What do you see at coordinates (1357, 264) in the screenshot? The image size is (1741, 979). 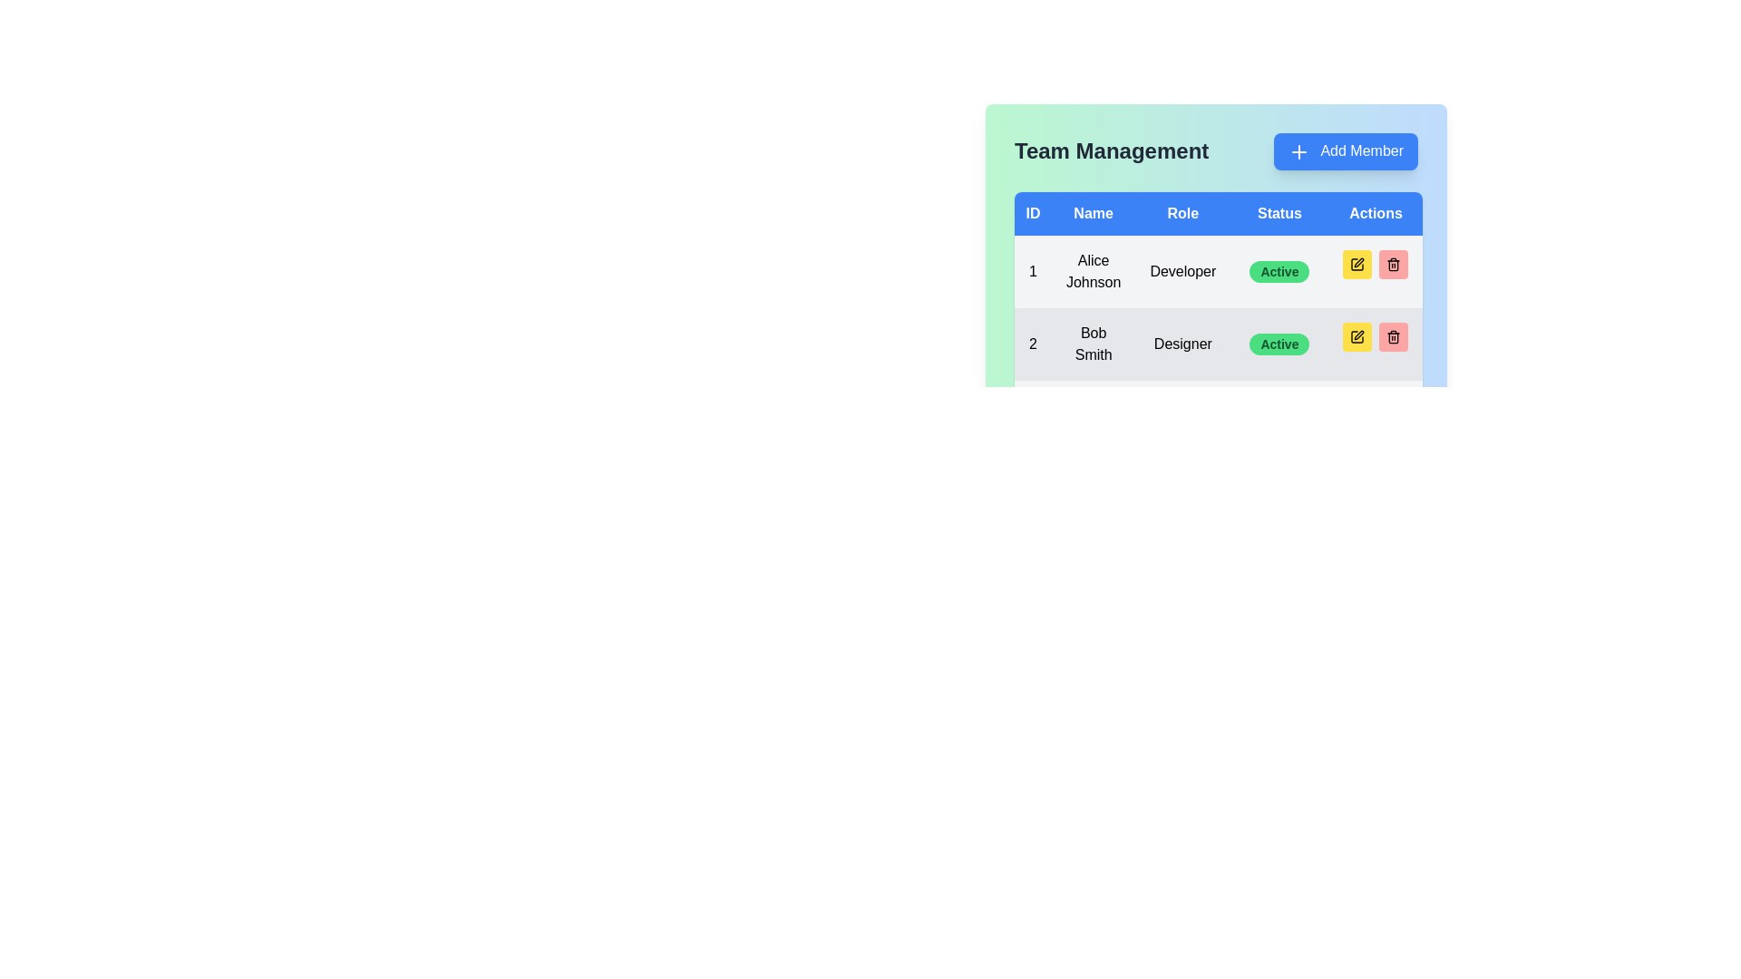 I see `the edit button located in the 'Actions' column of the first row of the table, which is directly to the right of the 'Status' column containing a green 'Active' label, to initiate the editing process` at bounding box center [1357, 264].